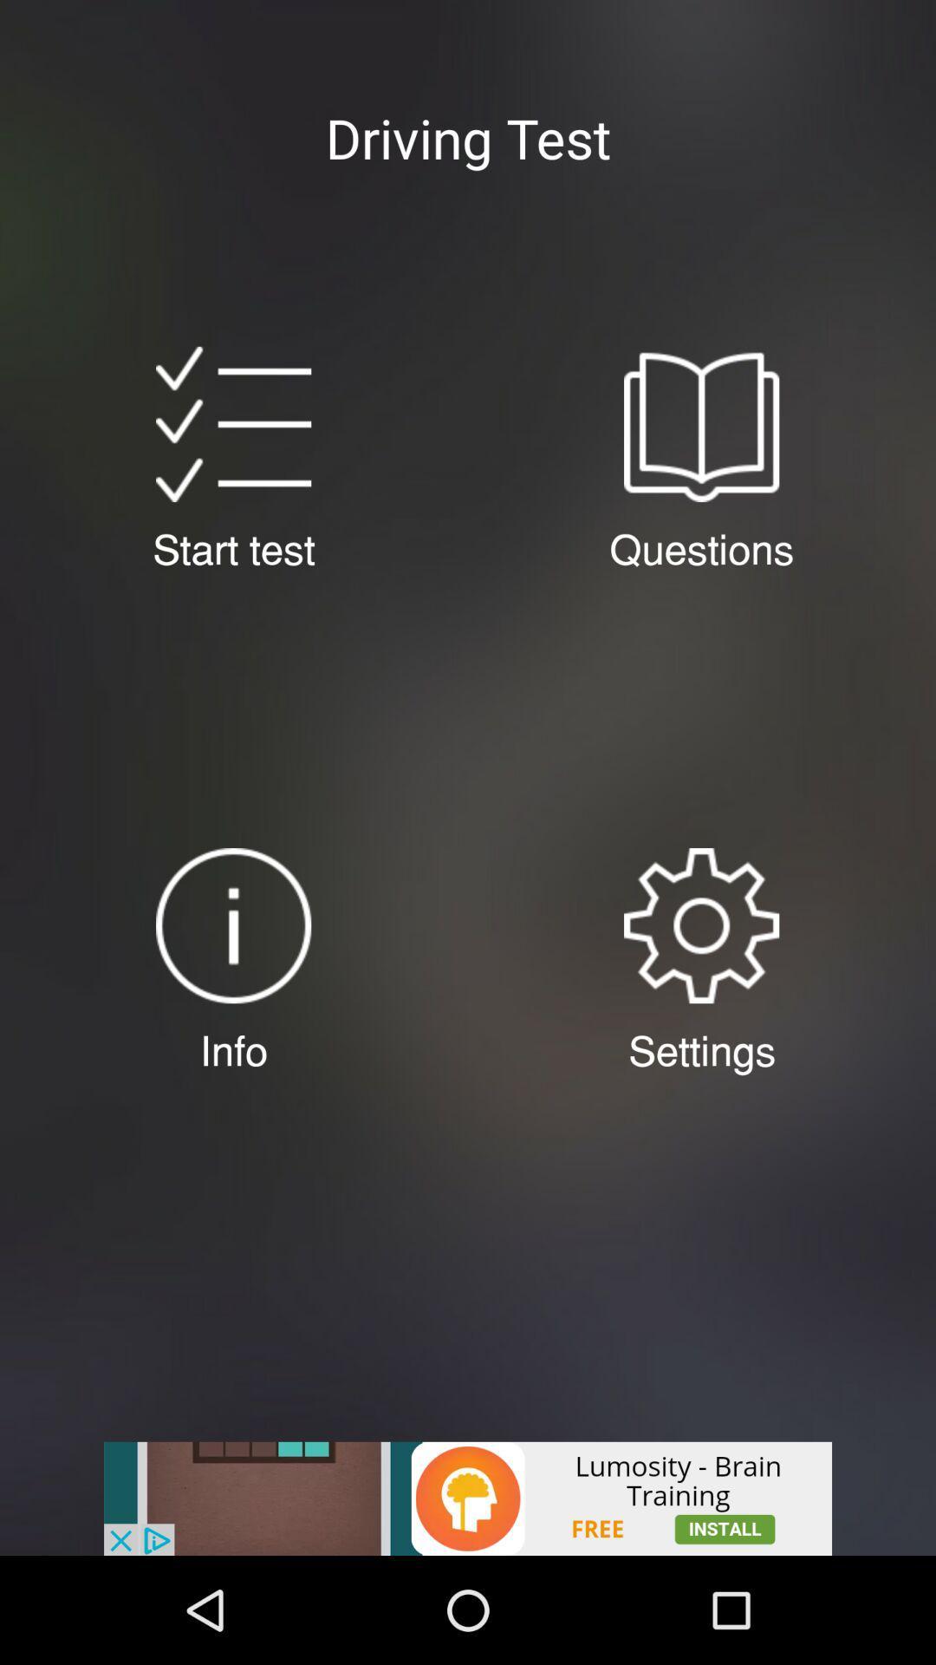  Describe the element at coordinates (468, 1498) in the screenshot. I see `the advertisement` at that location.